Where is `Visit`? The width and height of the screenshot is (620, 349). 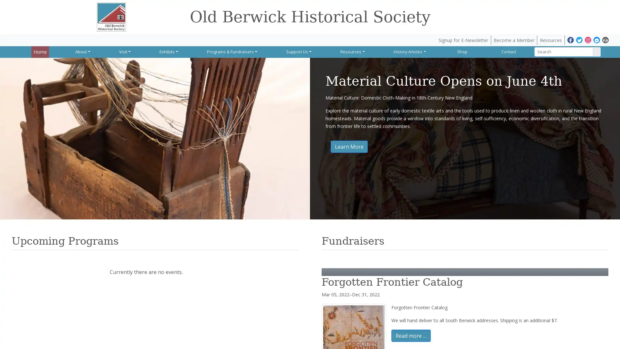
Visit is located at coordinates (124, 51).